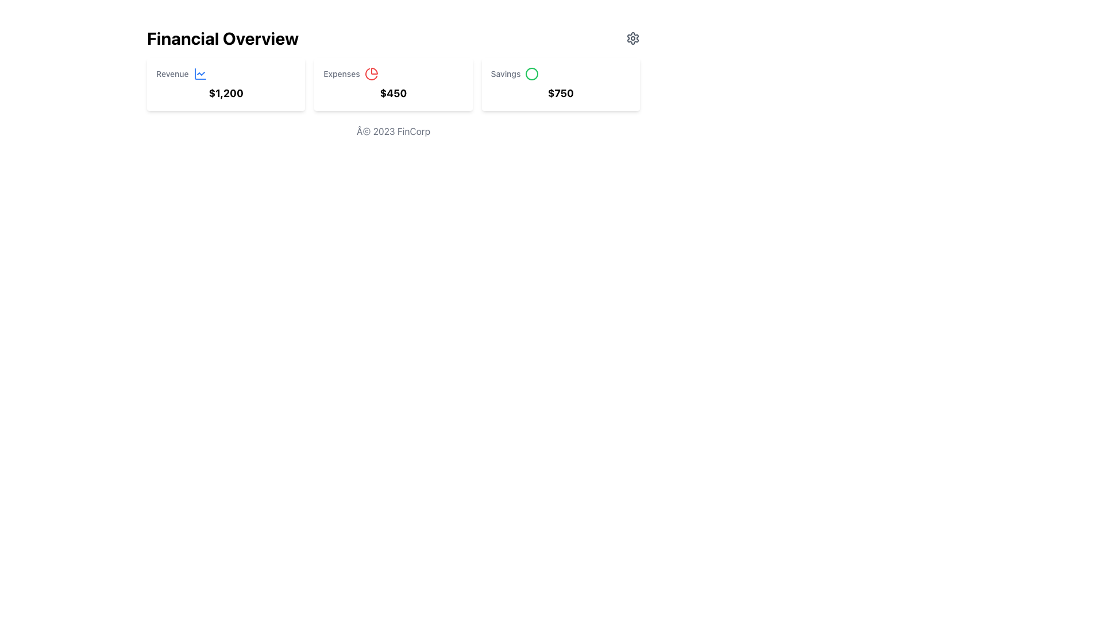 The image size is (1103, 620). Describe the element at coordinates (394, 92) in the screenshot. I see `the numerical value text label indicating an expense amount, which is the second text item below the title 'Expenses' and to the right of a pie chart icon` at that location.